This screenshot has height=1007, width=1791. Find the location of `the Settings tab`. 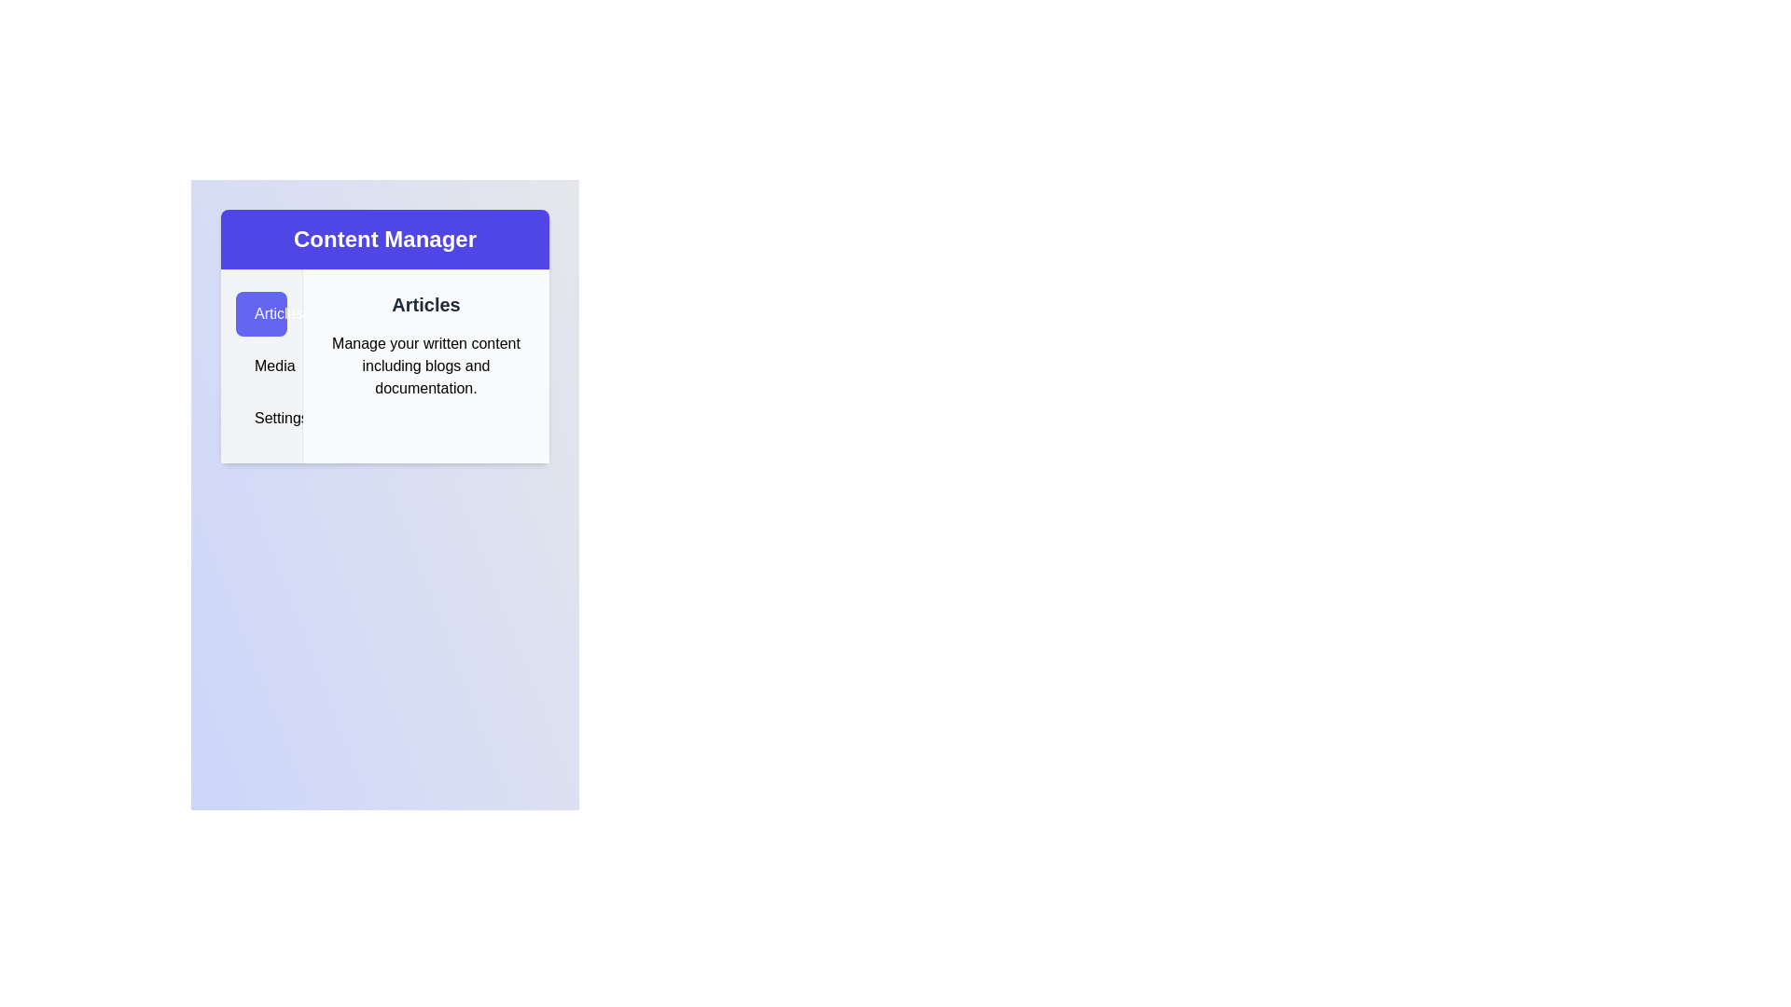

the Settings tab is located at coordinates (260, 417).